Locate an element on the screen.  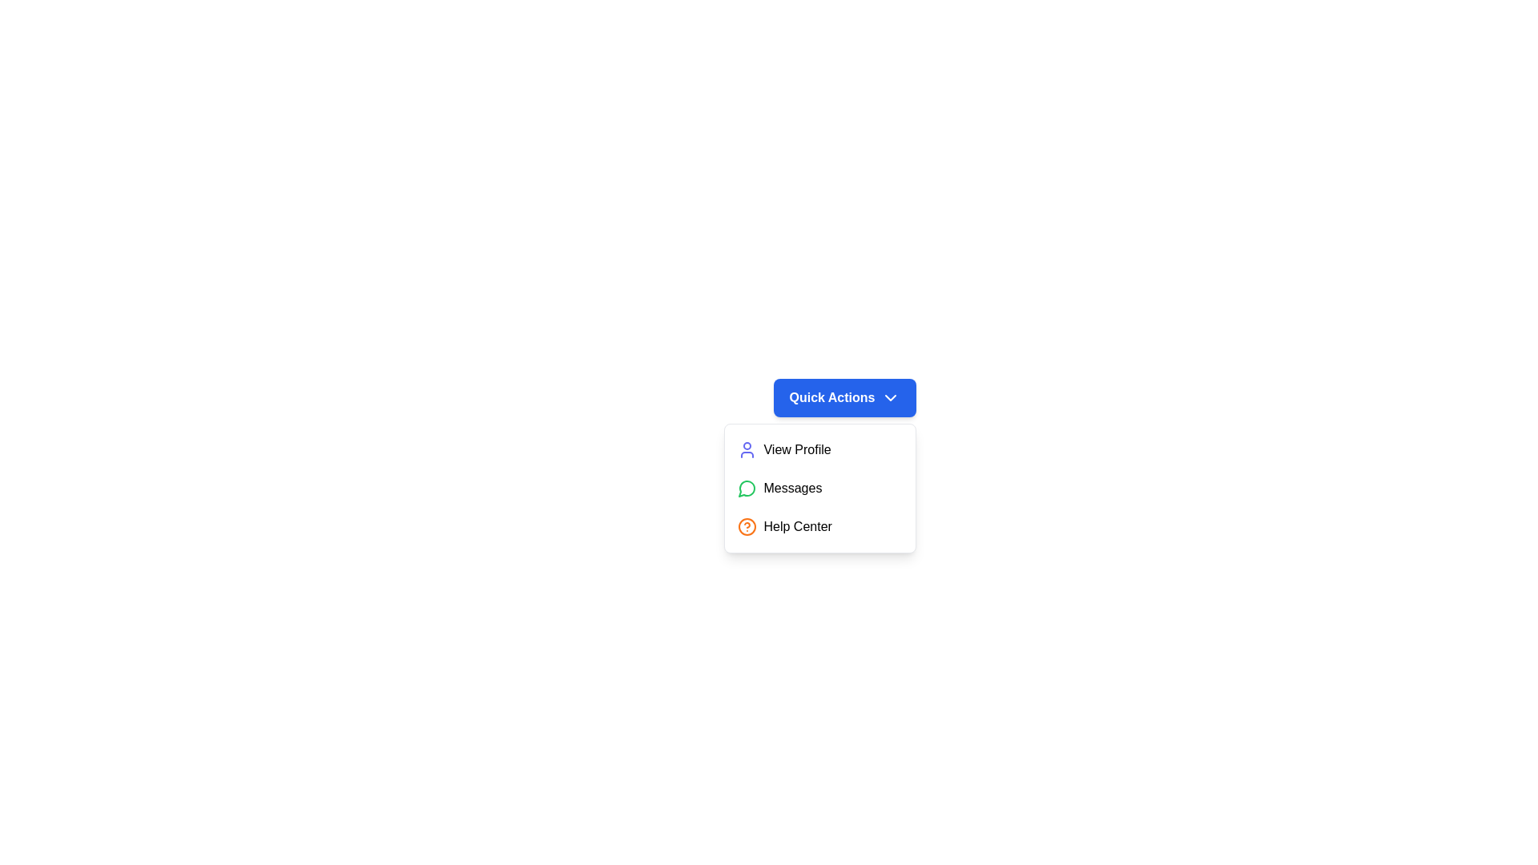
the 'Messages' option in the dropdown menu is located at coordinates (819, 487).